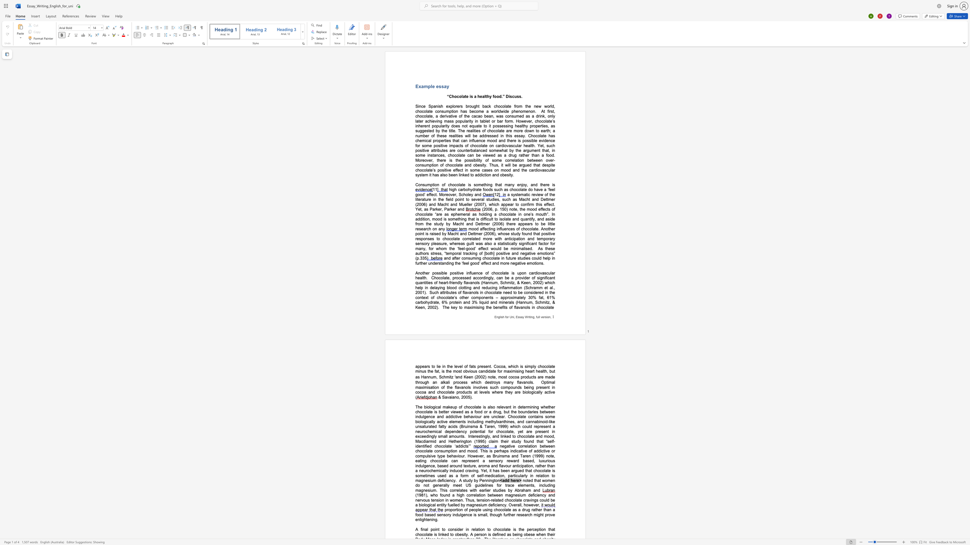  Describe the element at coordinates (511, 96) in the screenshot. I see `the space between the continuous character "s" and "c" in the text` at that location.